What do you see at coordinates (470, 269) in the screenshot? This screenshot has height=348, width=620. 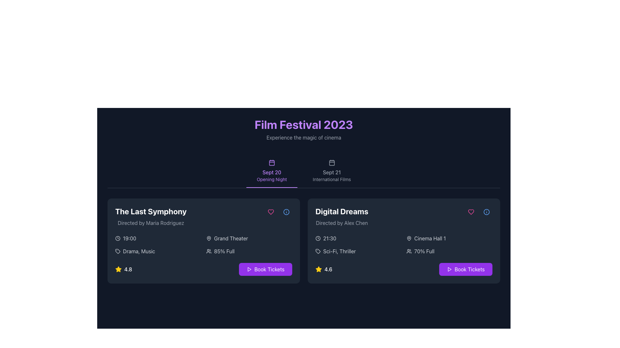 I see `text label within the button for booking tickets for the 'Digital Dreams' movie session located at the bottom-right corner of the movie card` at bounding box center [470, 269].